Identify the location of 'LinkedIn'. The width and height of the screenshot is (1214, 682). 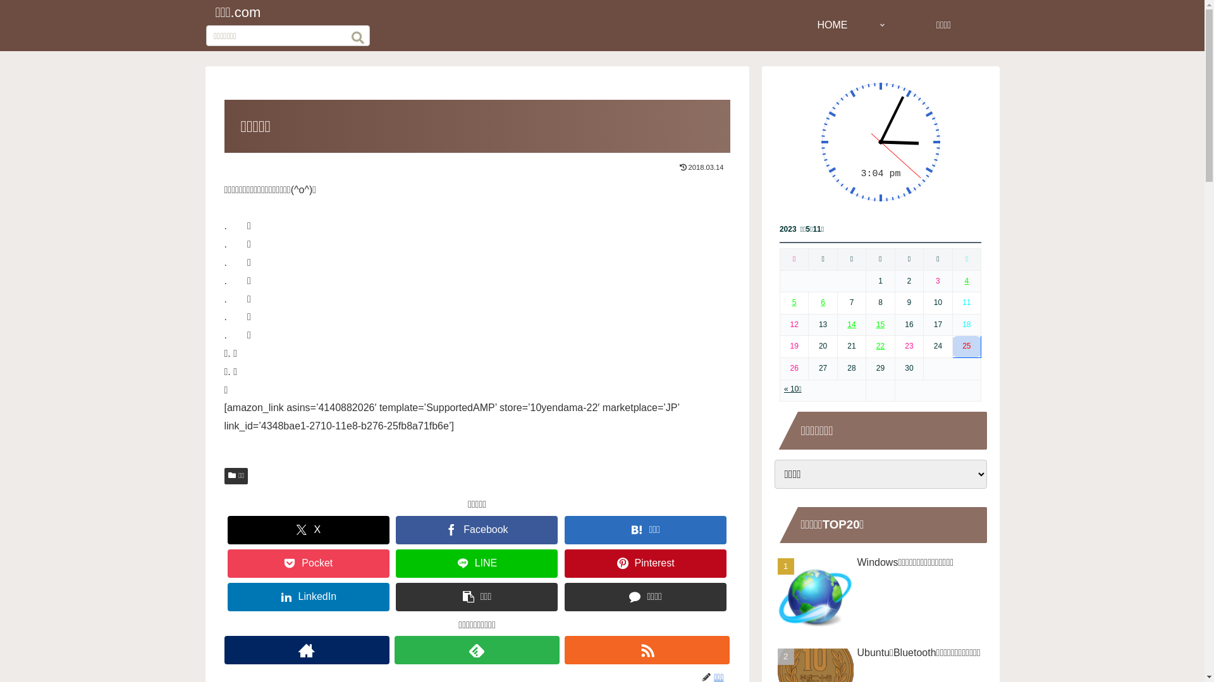
(309, 597).